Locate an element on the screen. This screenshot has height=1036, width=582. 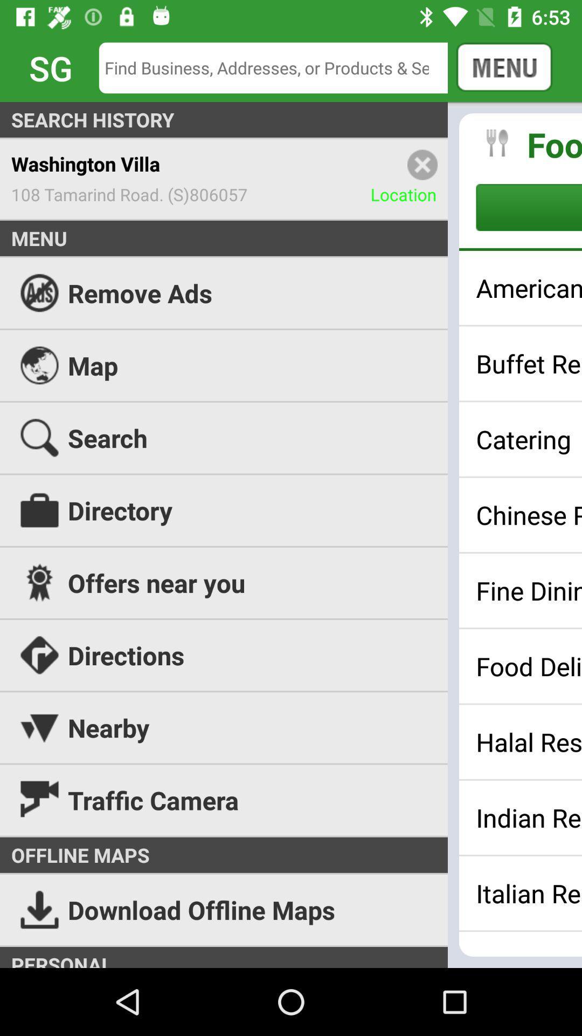
the icon above the offers near you is located at coordinates (528, 514).